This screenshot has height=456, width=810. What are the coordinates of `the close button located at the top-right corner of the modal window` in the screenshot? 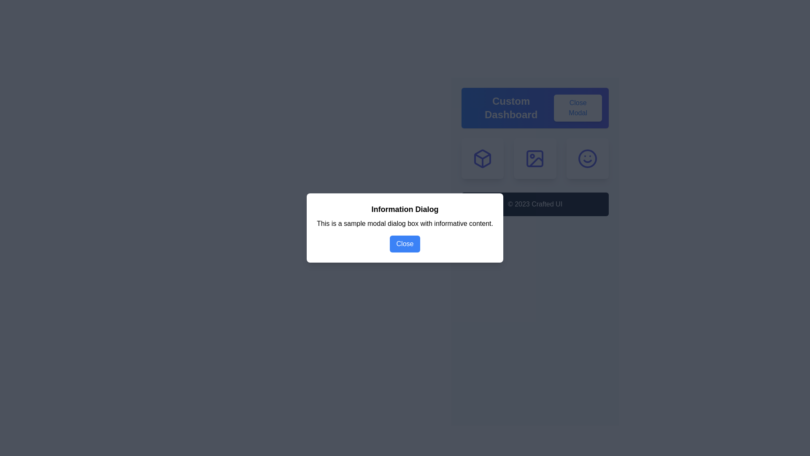 It's located at (578, 107).